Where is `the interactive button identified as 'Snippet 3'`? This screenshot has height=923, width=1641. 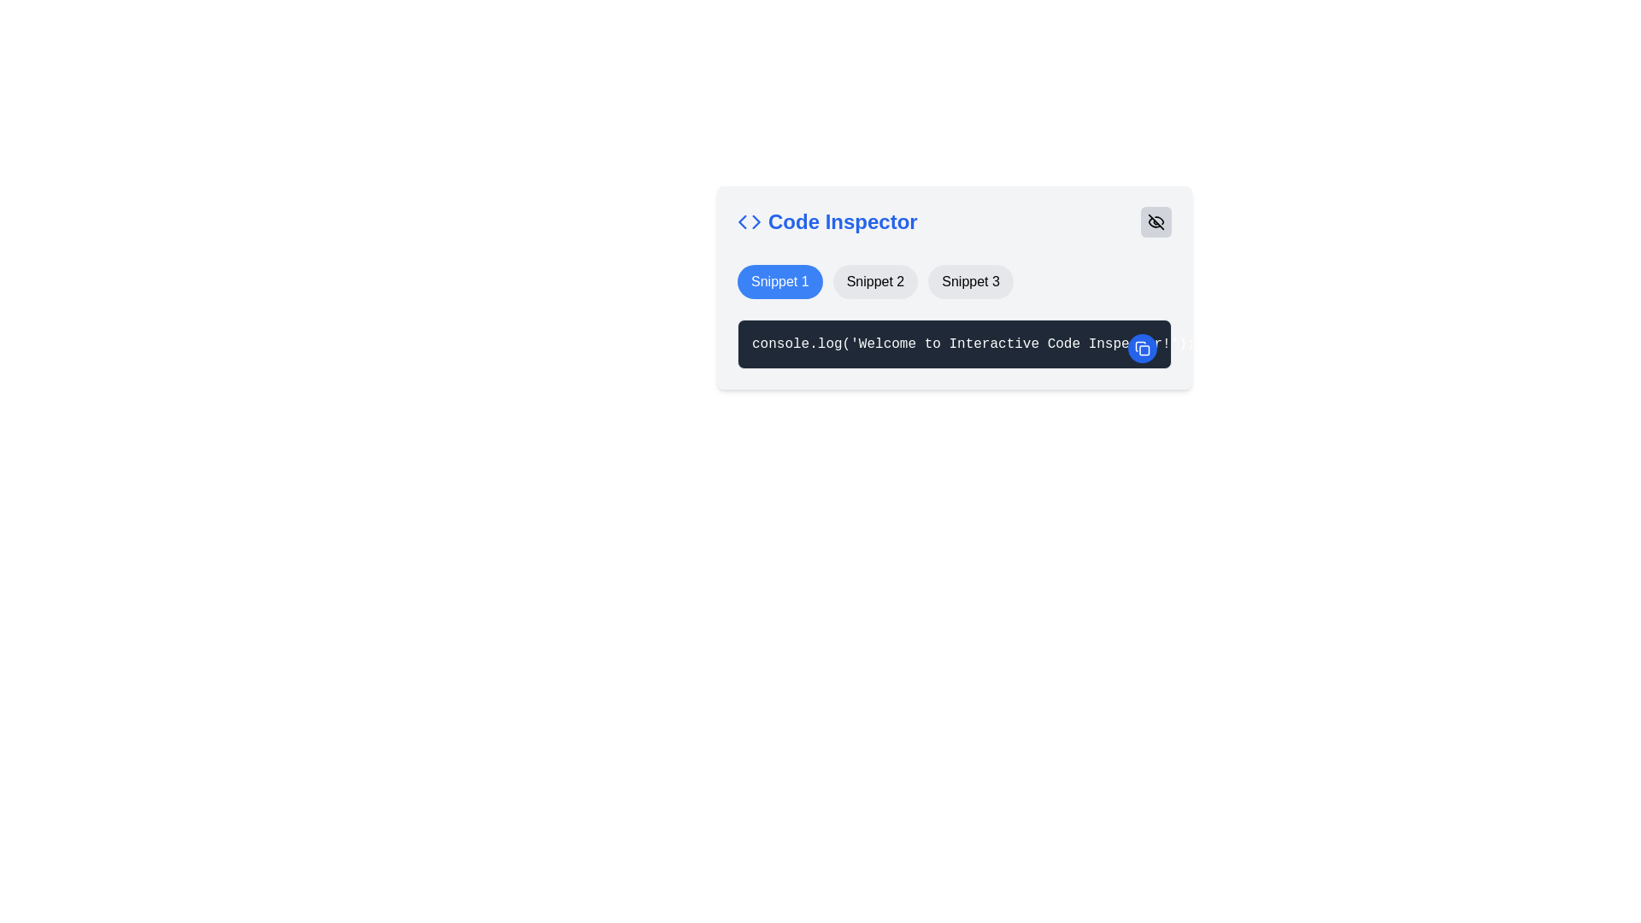
the interactive button identified as 'Snippet 3' is located at coordinates (971, 281).